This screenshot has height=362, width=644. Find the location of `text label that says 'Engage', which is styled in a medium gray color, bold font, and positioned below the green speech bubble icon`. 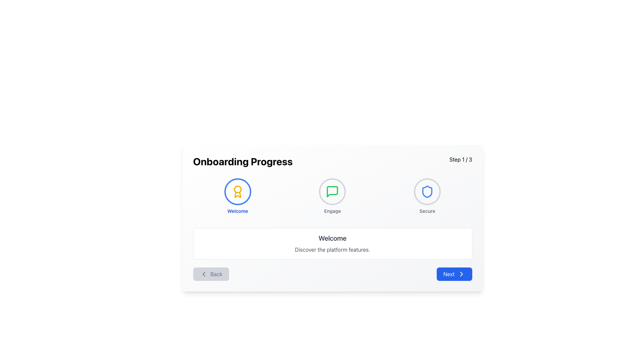

text label that says 'Engage', which is styled in a medium gray color, bold font, and positioned below the green speech bubble icon is located at coordinates (332, 210).